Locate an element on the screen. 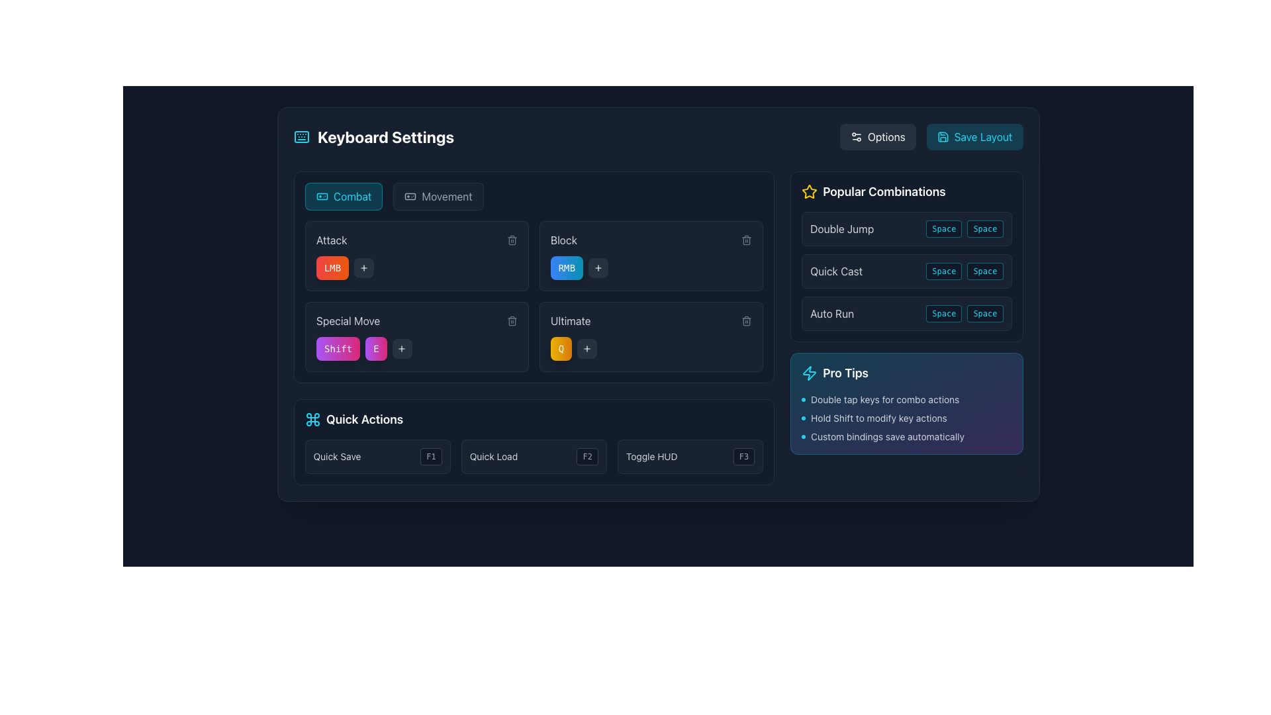 Image resolution: width=1271 pixels, height=715 pixels. the second 'Space' button with cyan text located in the 'Double Jump' row under the 'Popular Combinations' section is located at coordinates (985, 228).